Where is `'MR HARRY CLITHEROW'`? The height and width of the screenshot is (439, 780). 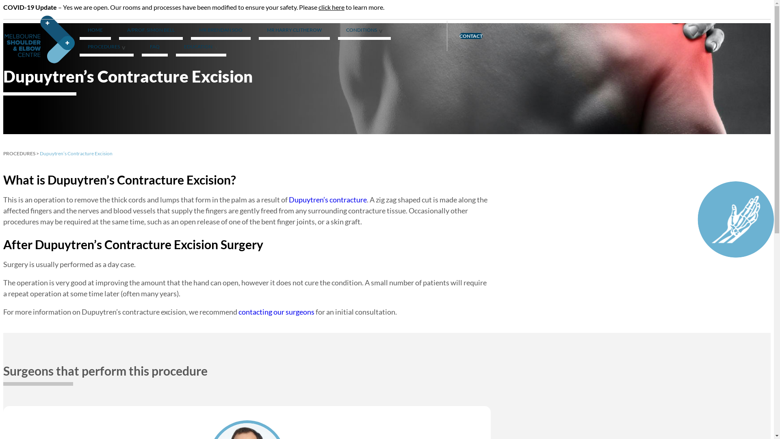
'MR HARRY CLITHEROW' is located at coordinates (294, 31).